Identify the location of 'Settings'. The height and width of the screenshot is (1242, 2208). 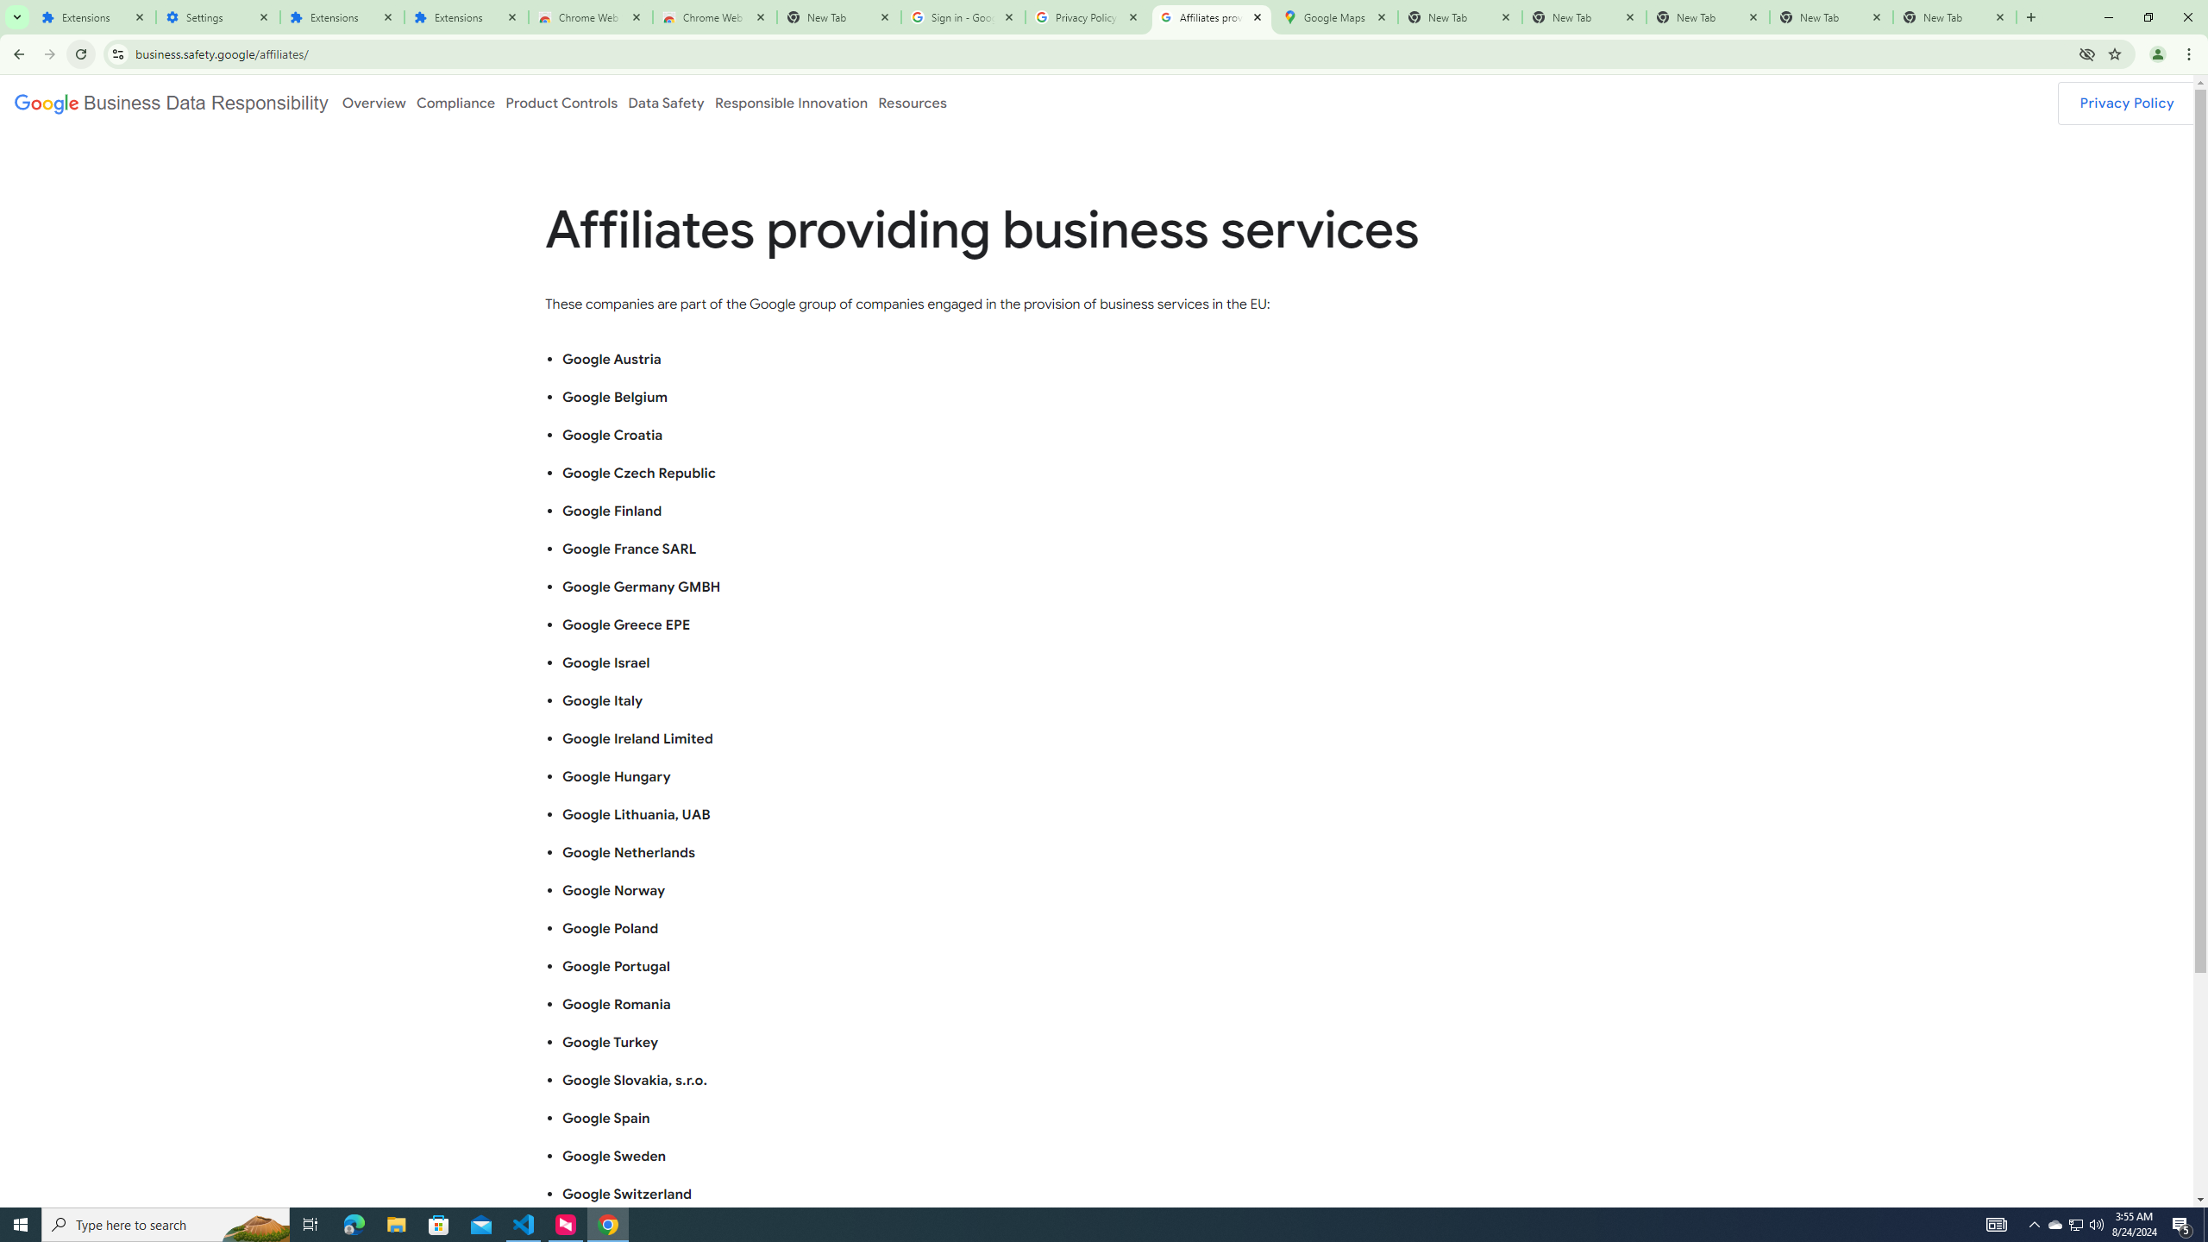
(217, 16).